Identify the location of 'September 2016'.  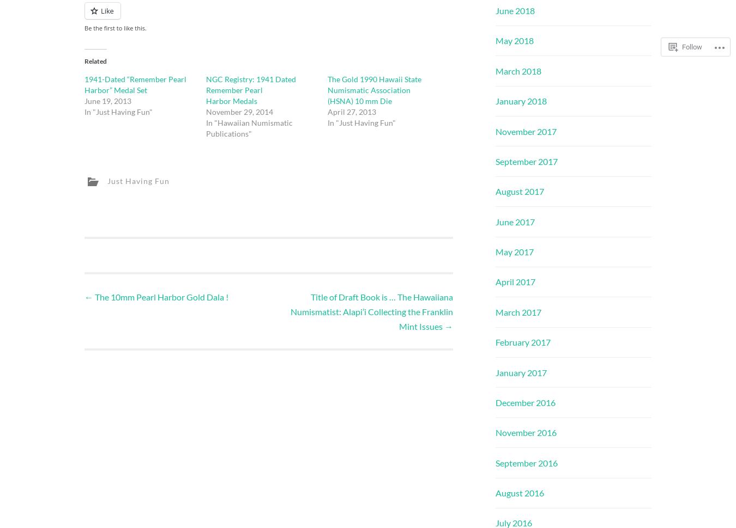
(526, 462).